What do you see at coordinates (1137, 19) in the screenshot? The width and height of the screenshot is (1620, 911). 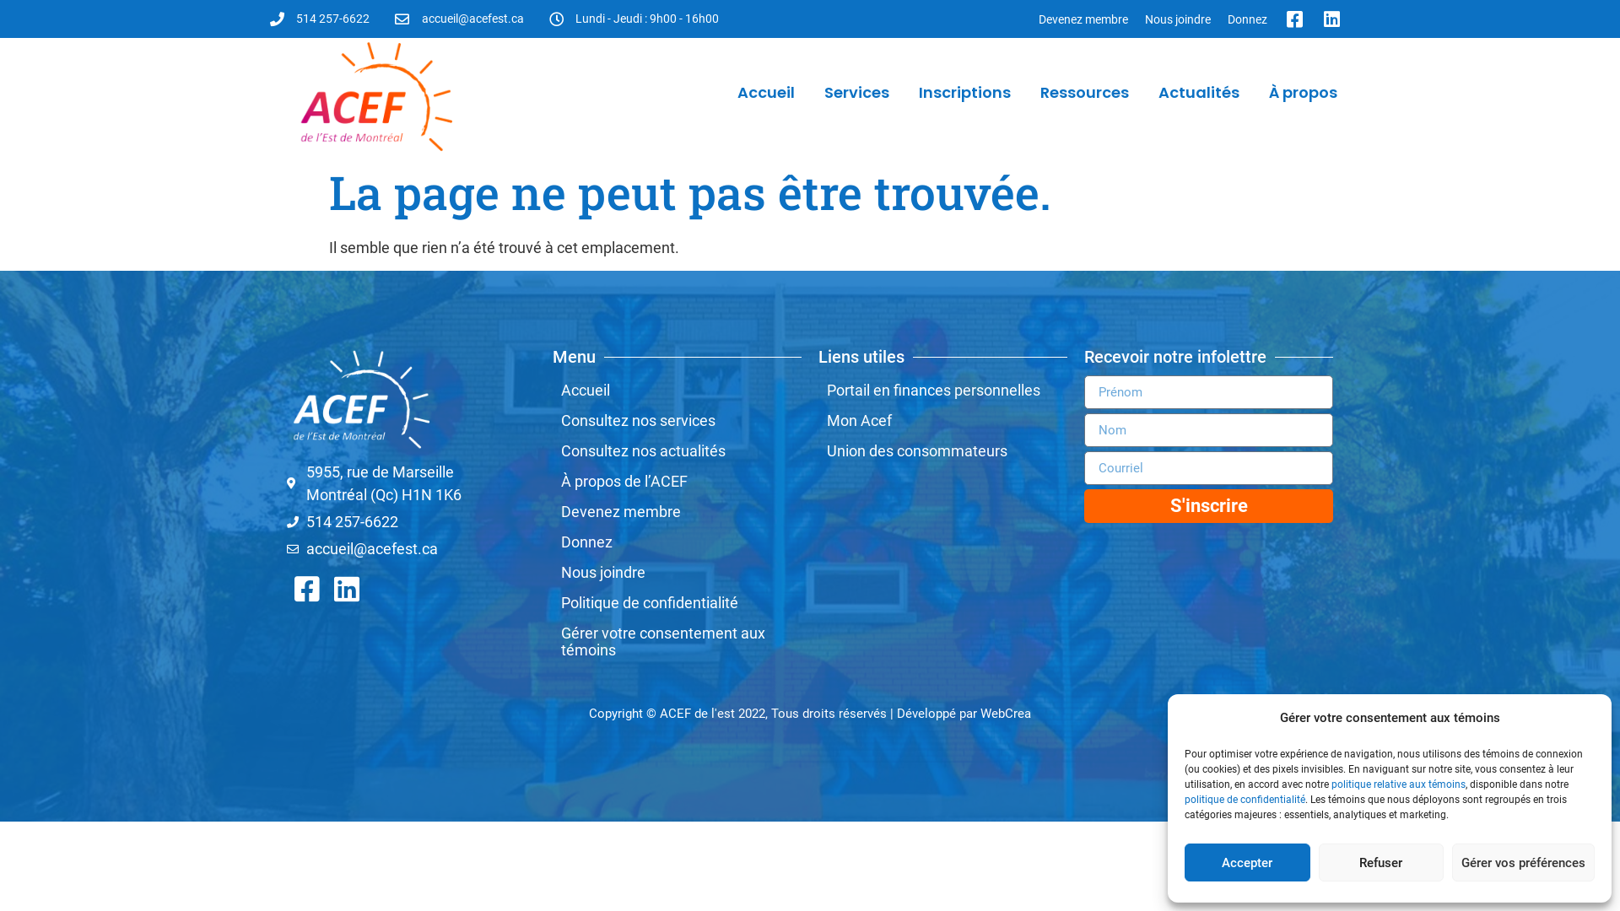 I see `'Nous joindre'` at bounding box center [1137, 19].